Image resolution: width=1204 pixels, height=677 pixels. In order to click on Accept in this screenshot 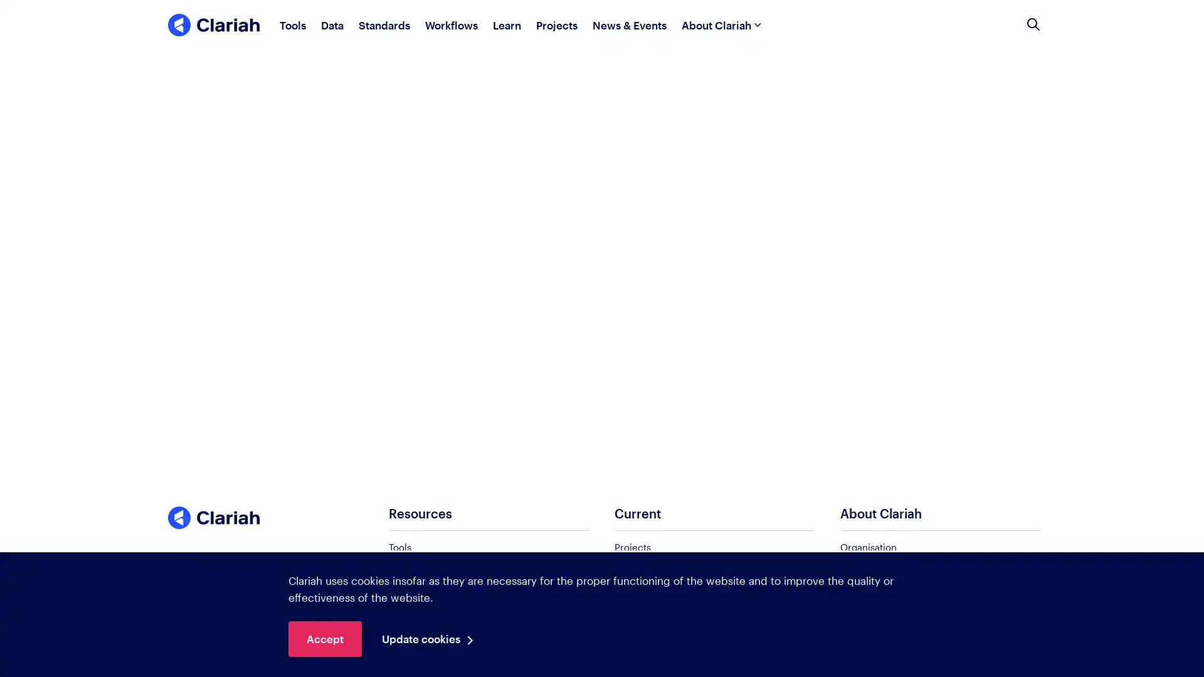, I will do `click(325, 639)`.